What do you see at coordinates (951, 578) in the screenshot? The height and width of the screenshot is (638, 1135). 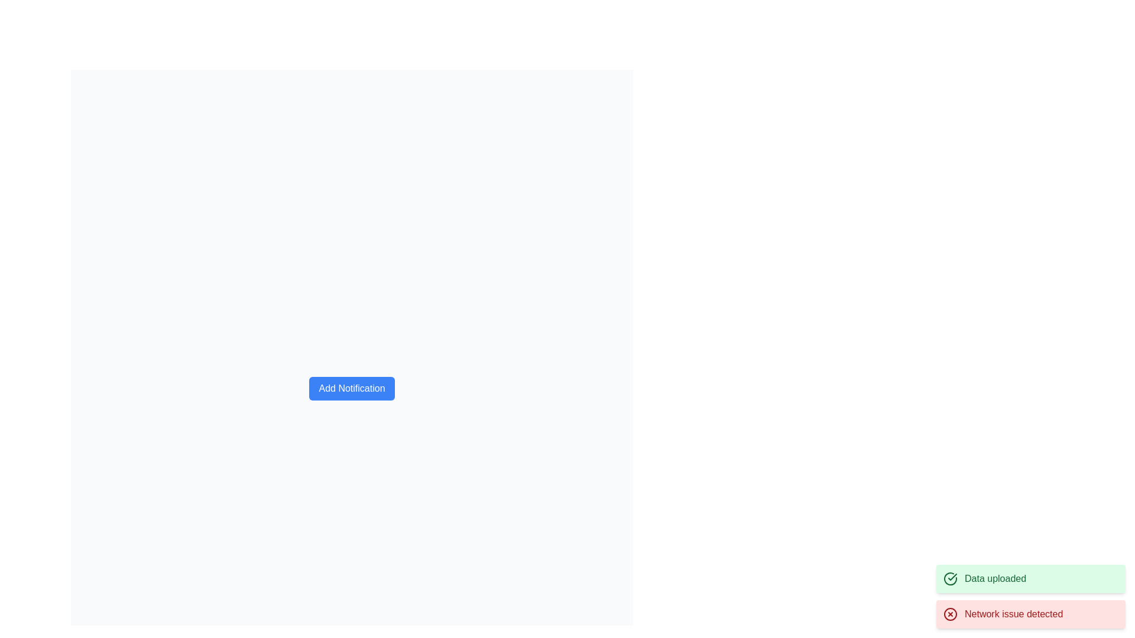 I see `the success status icon that indicates the completion of the data upload process, located at the bottom-right of the interface, next to the text 'Data uploaded'` at bounding box center [951, 578].